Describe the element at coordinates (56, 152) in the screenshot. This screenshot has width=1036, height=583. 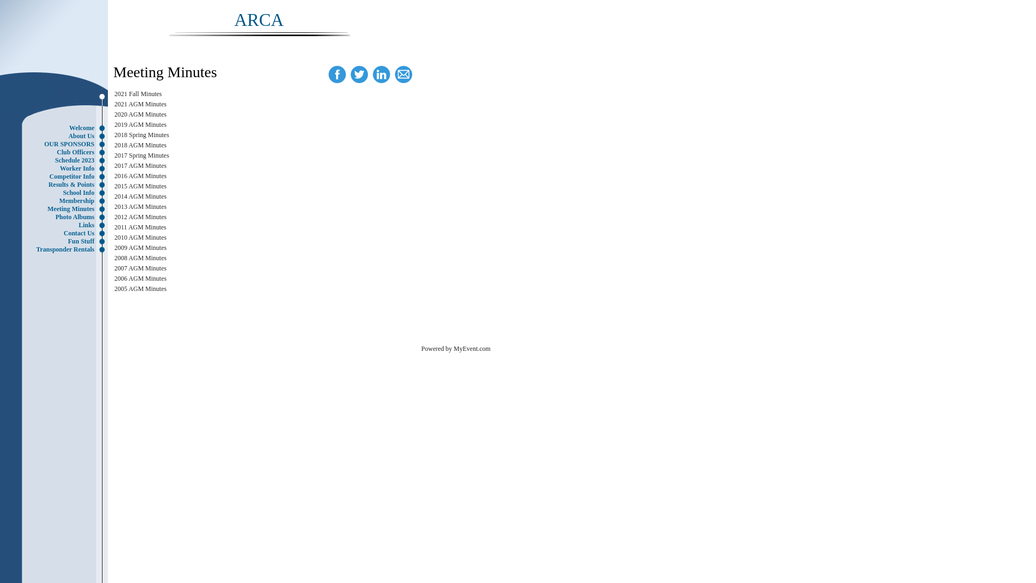
I see `'Club Officers'` at that location.